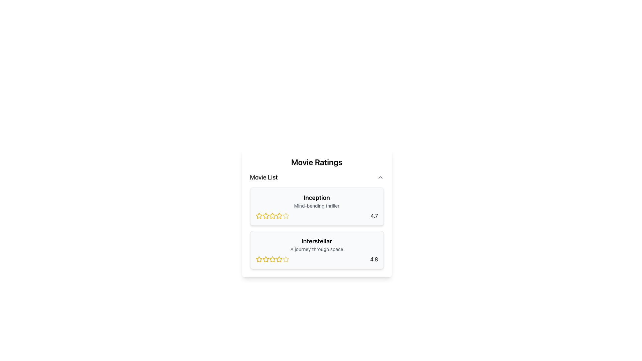 This screenshot has width=642, height=361. Describe the element at coordinates (272, 216) in the screenshot. I see `the fourth rating star icon in the 5-star rating system for the movie 'Inception' located in the first card of the movie list section` at that location.